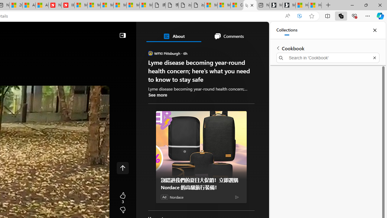  I want to click on 'Enhance video', so click(300, 16).